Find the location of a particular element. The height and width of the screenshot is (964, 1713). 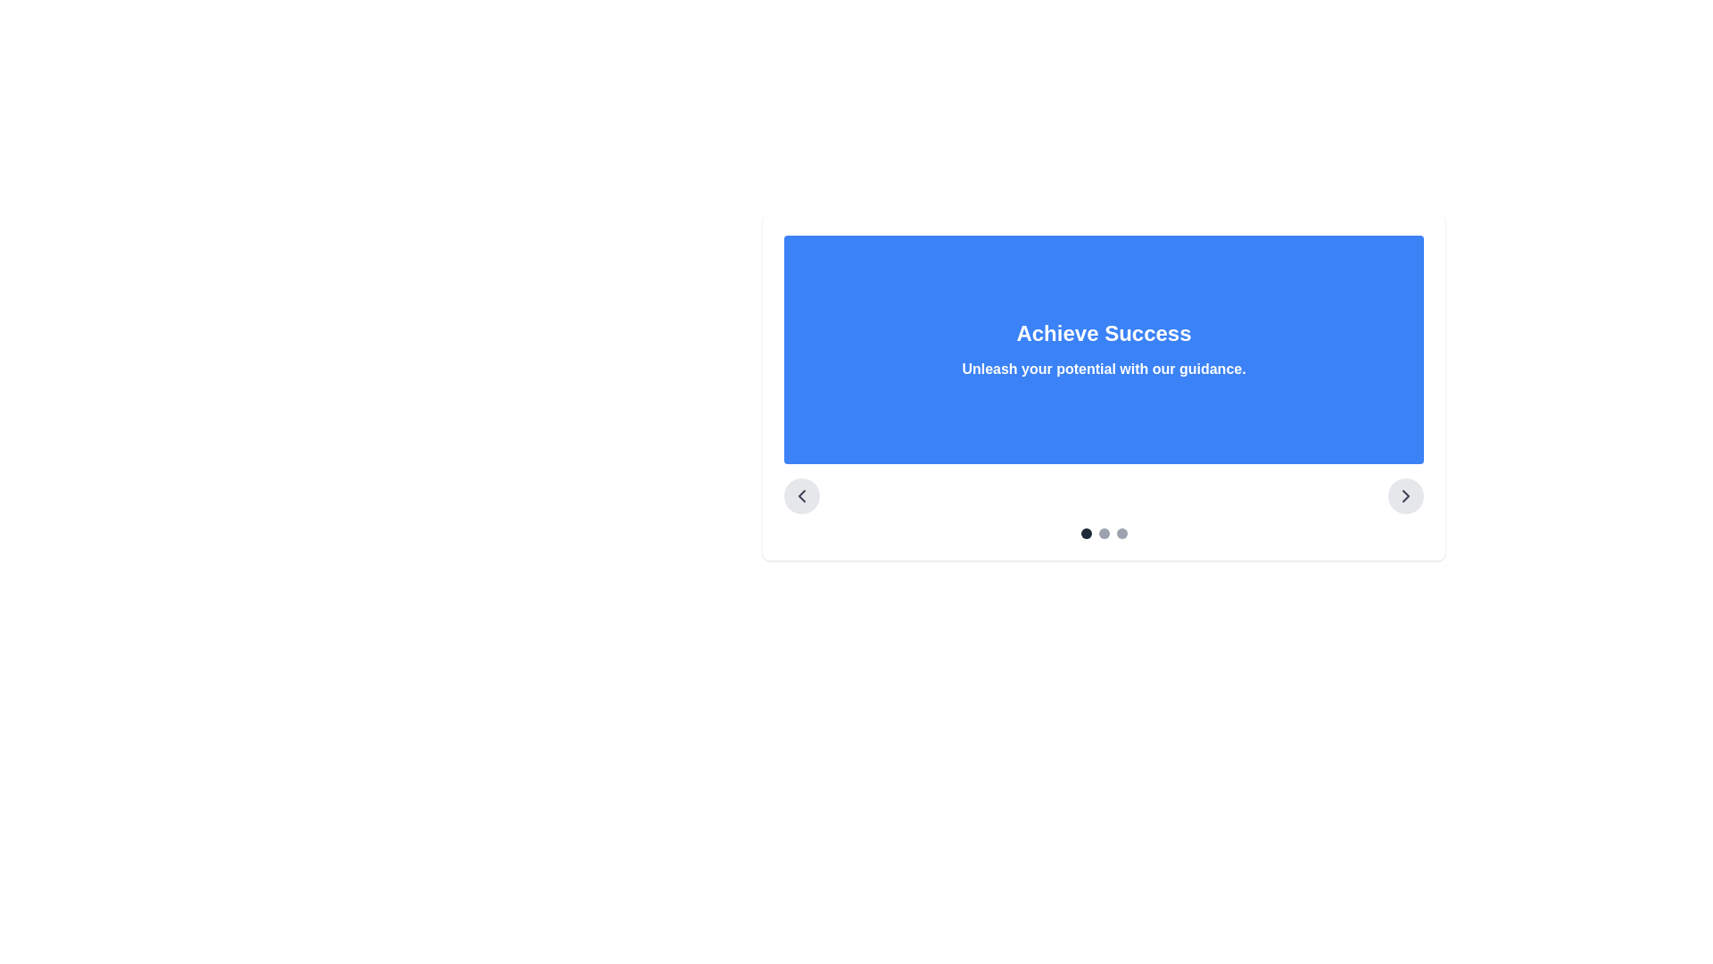

the third Carousel navigation dot, which is a small circular indicator styled with light gray color is located at coordinates (1121, 532).